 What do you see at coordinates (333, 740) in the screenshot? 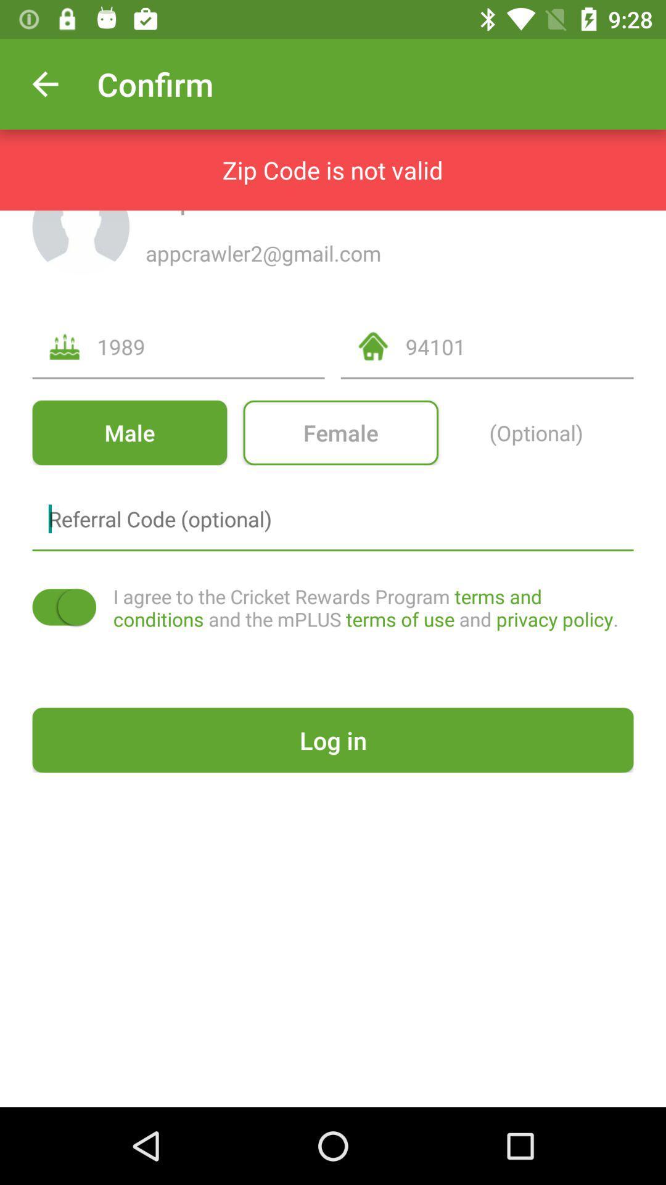
I see `log in icon` at bounding box center [333, 740].